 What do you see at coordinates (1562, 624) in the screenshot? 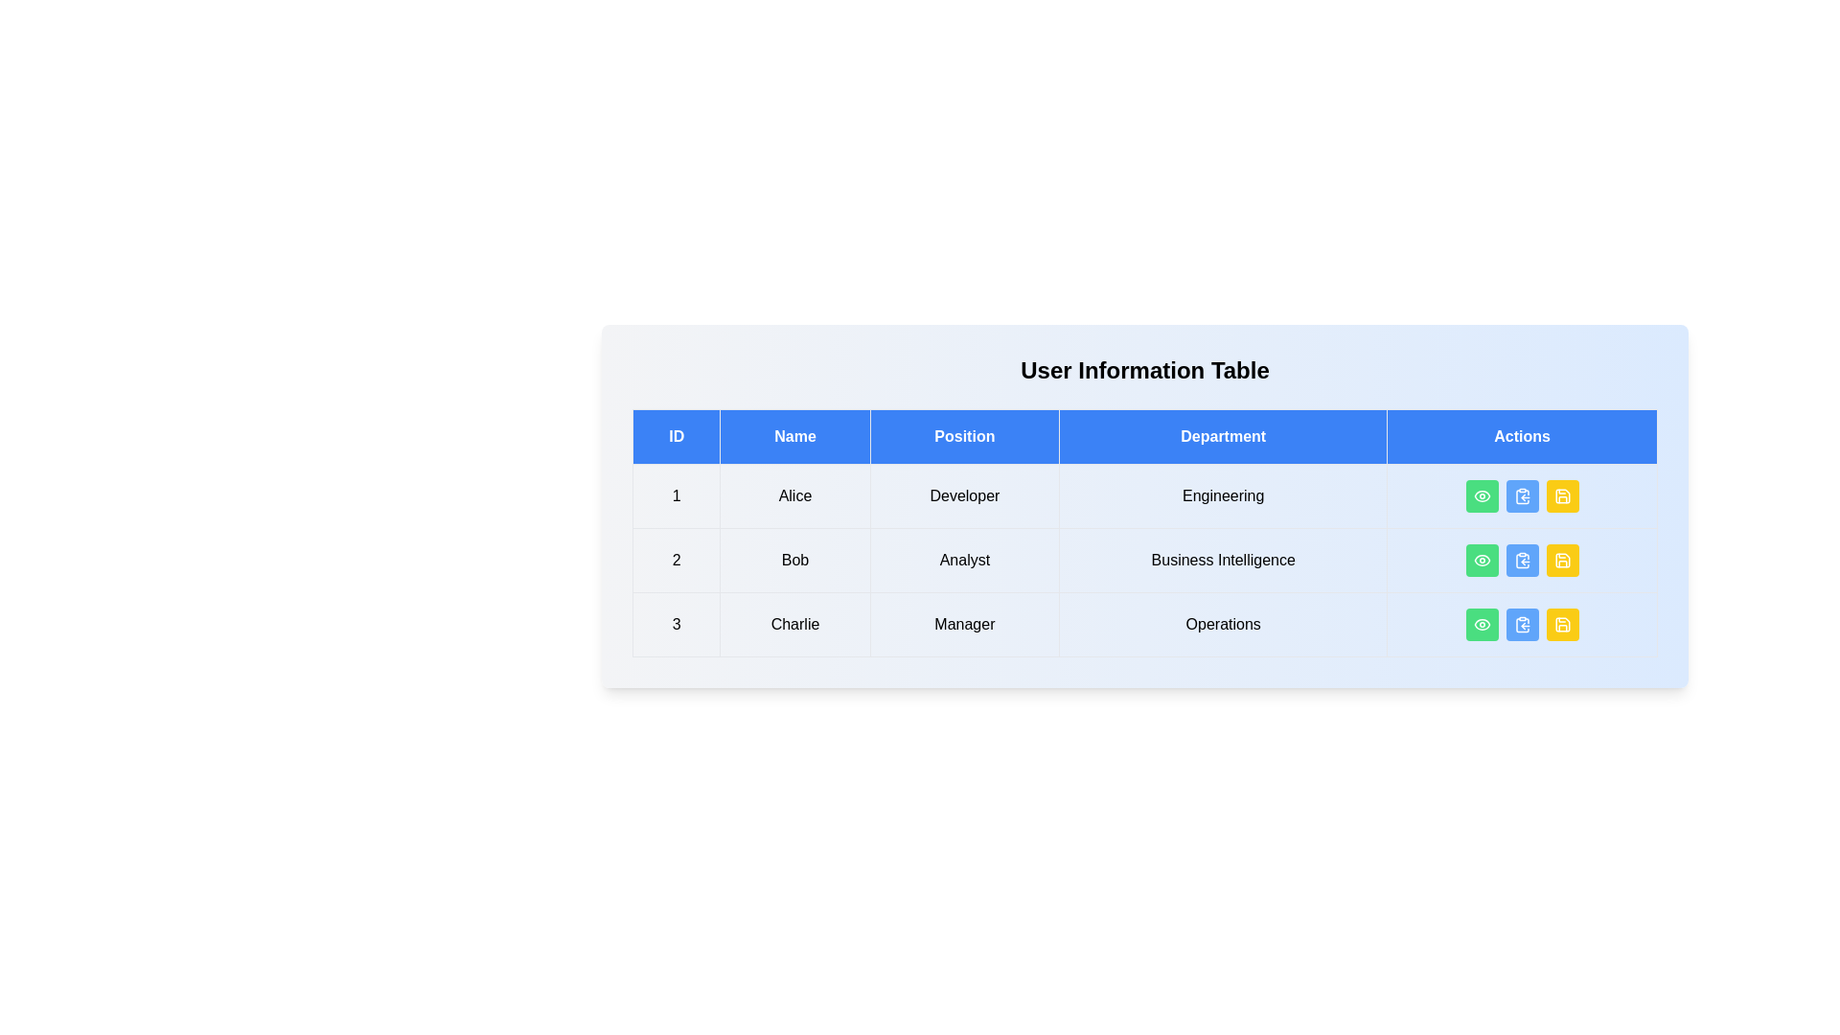
I see `the save button for the user with ID 3` at bounding box center [1562, 624].